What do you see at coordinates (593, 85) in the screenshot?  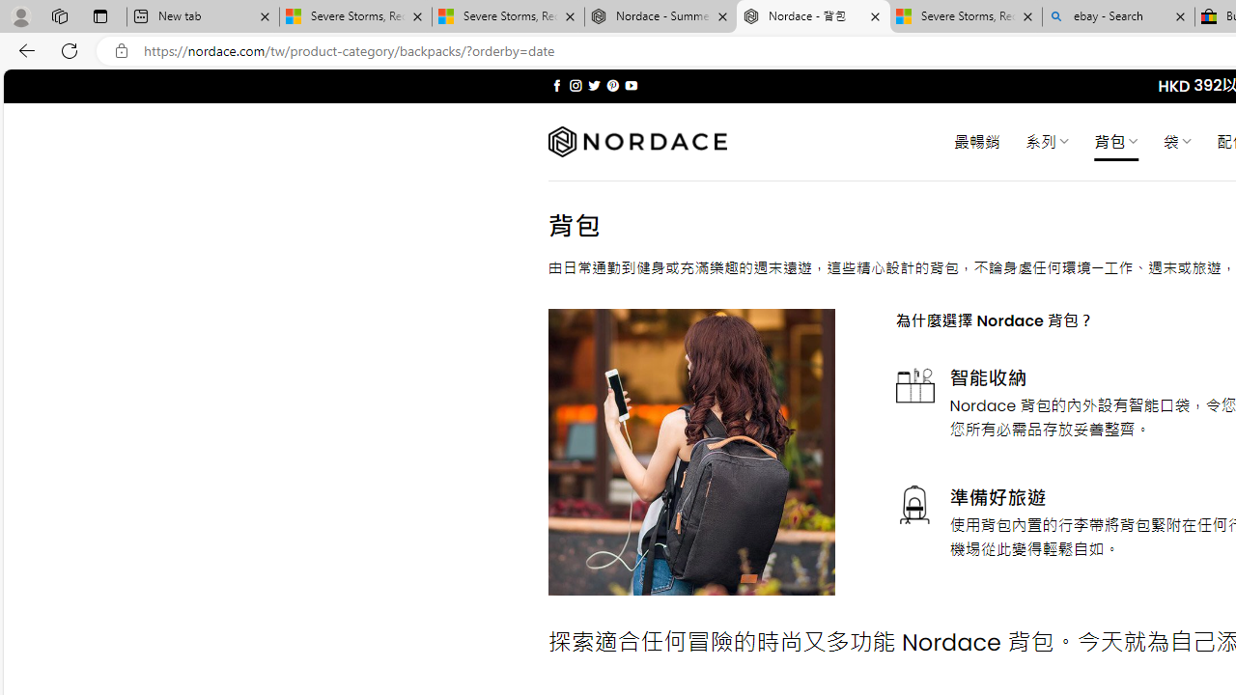 I see `'Follow on Twitter'` at bounding box center [593, 85].